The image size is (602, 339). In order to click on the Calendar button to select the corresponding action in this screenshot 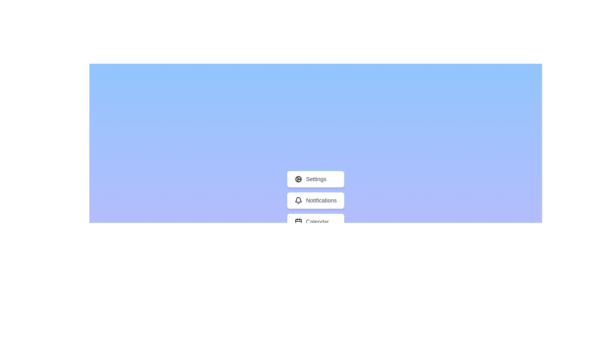, I will do `click(316, 221)`.